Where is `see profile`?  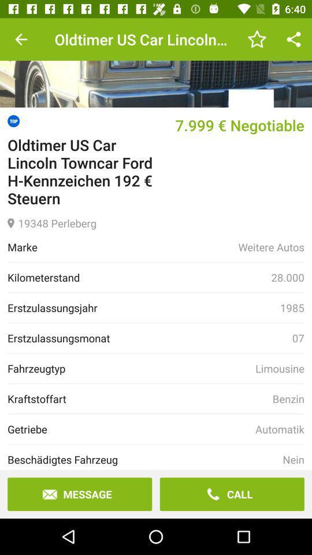
see profile is located at coordinates (156, 62).